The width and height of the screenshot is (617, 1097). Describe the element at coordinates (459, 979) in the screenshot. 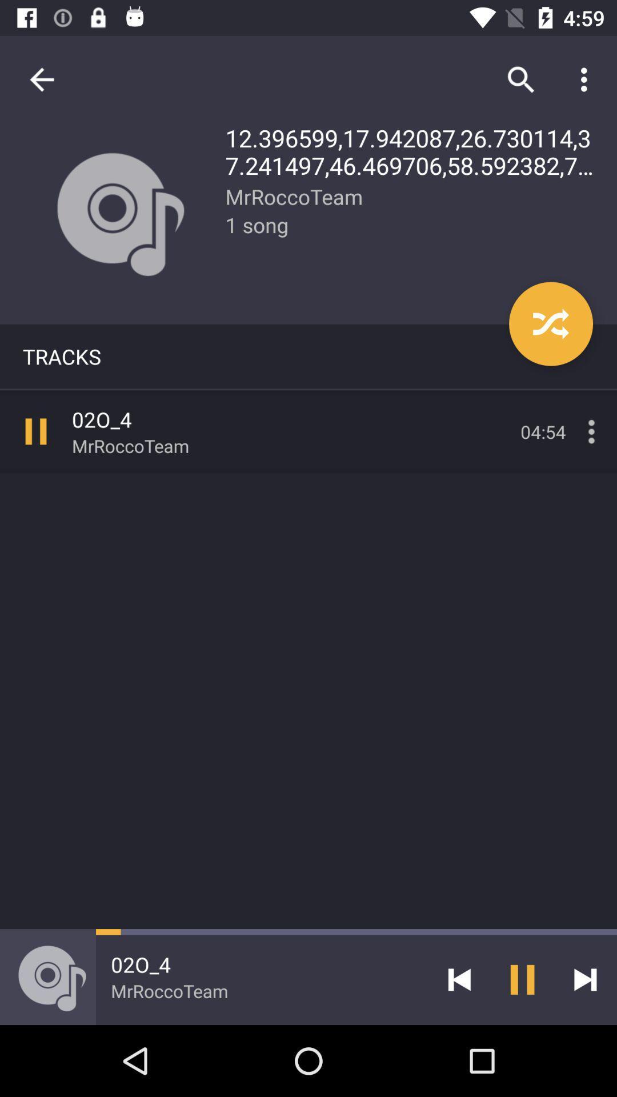

I see `the item next to the 02o_4 icon` at that location.